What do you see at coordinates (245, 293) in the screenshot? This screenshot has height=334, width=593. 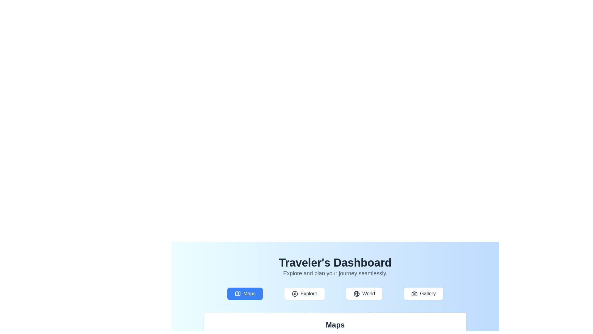 I see `the Maps tab to navigate to its content` at bounding box center [245, 293].